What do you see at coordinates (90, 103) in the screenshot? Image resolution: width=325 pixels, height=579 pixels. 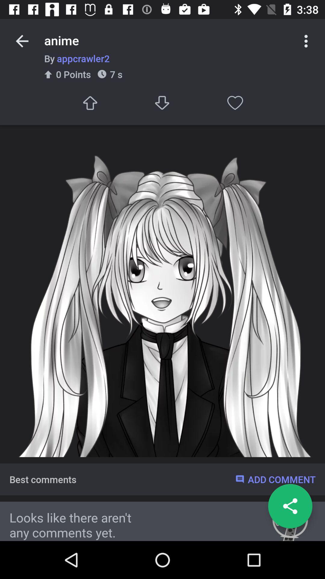 I see `send` at bounding box center [90, 103].